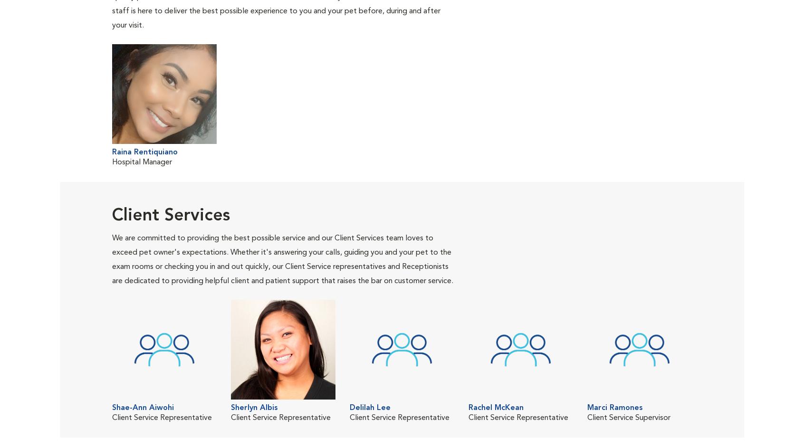  Describe the element at coordinates (370, 408) in the screenshot. I see `'Delilah Lee'` at that location.